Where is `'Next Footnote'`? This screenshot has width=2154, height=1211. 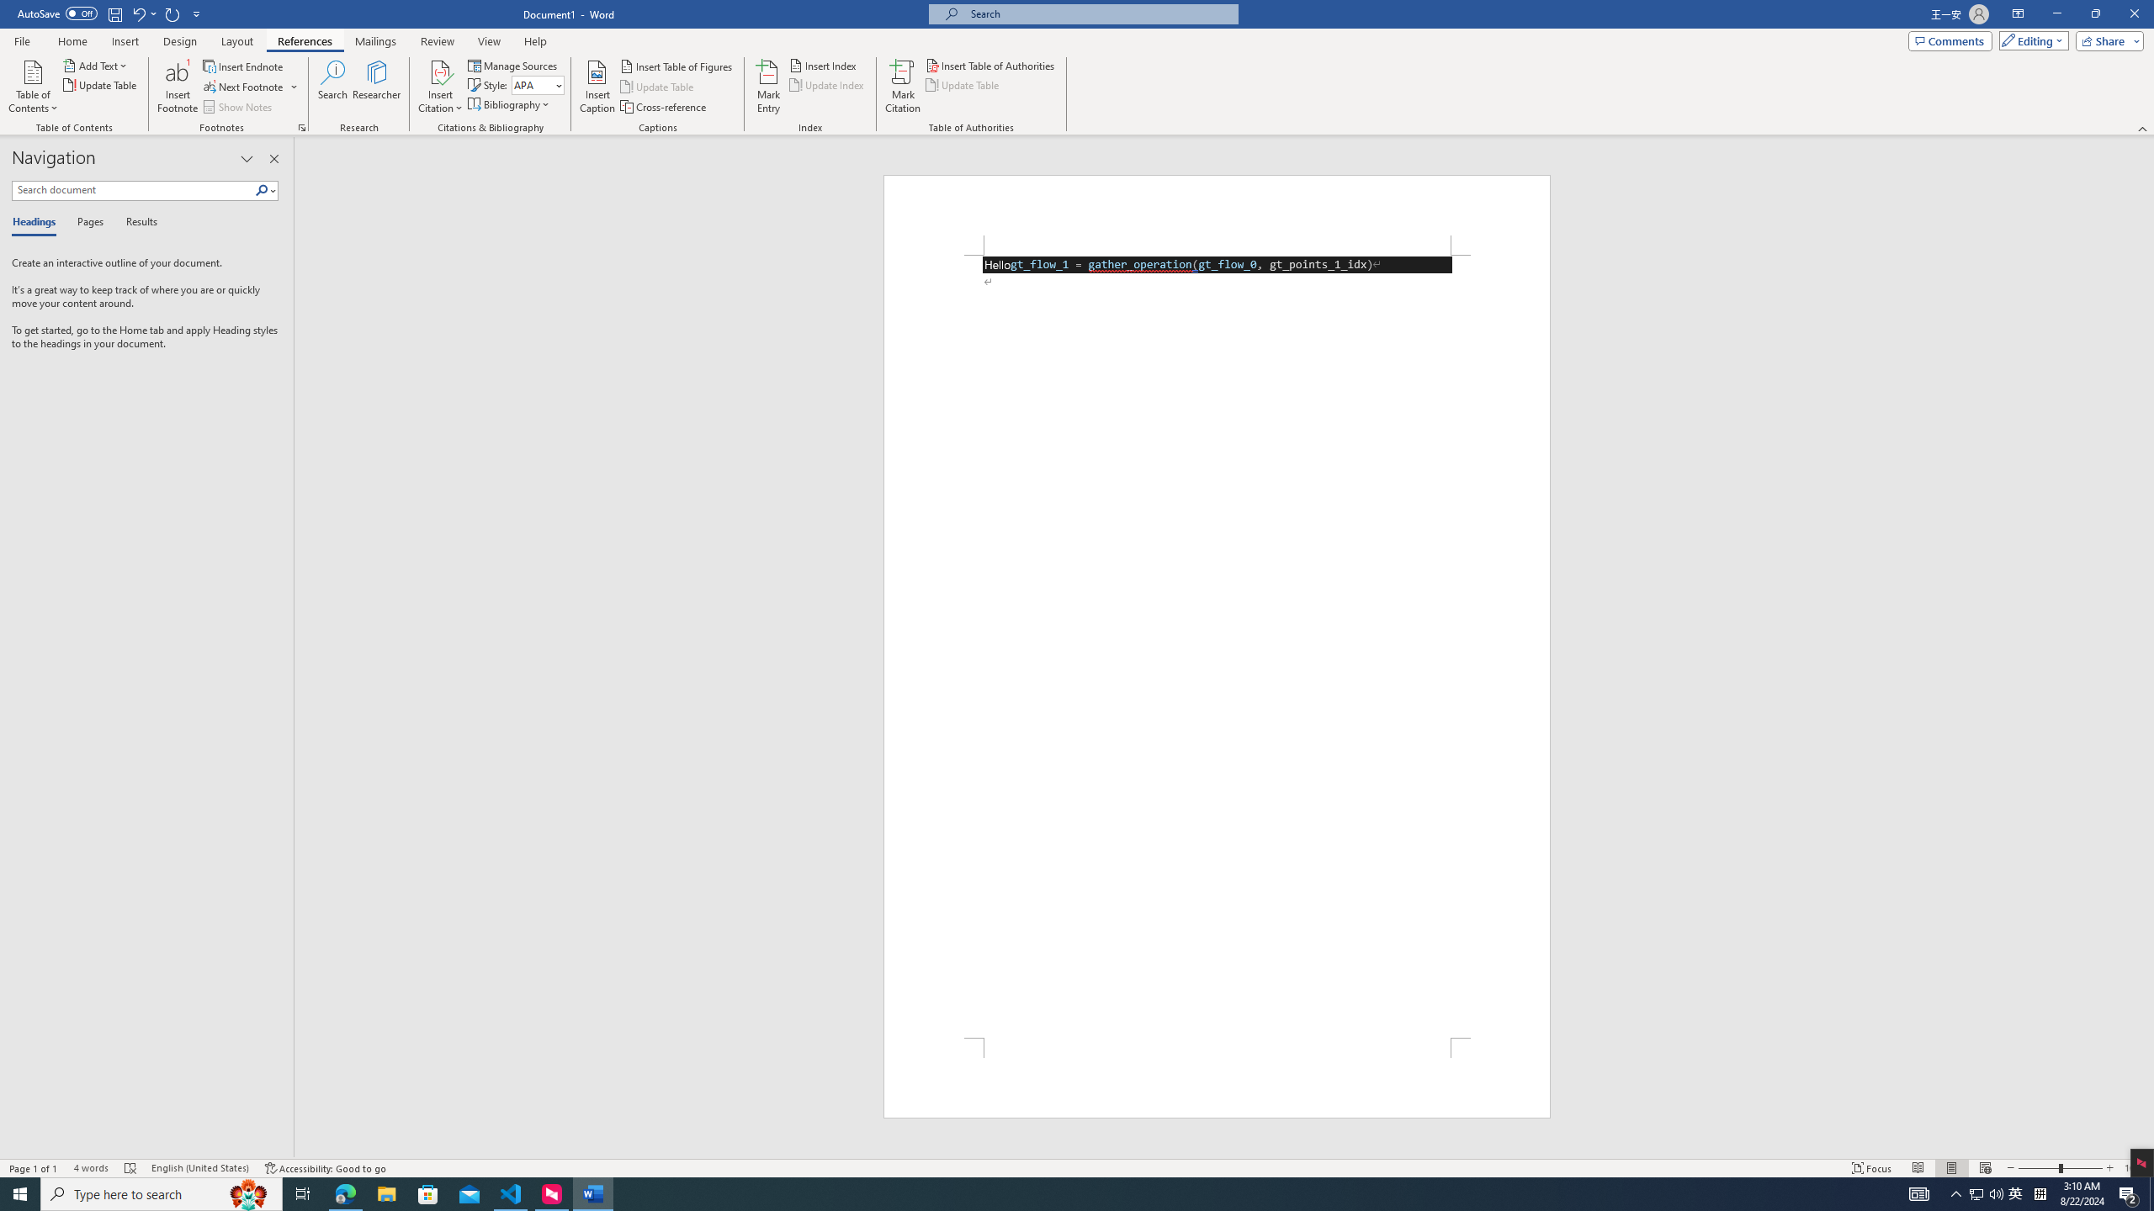
'Next Footnote' is located at coordinates (243, 87).